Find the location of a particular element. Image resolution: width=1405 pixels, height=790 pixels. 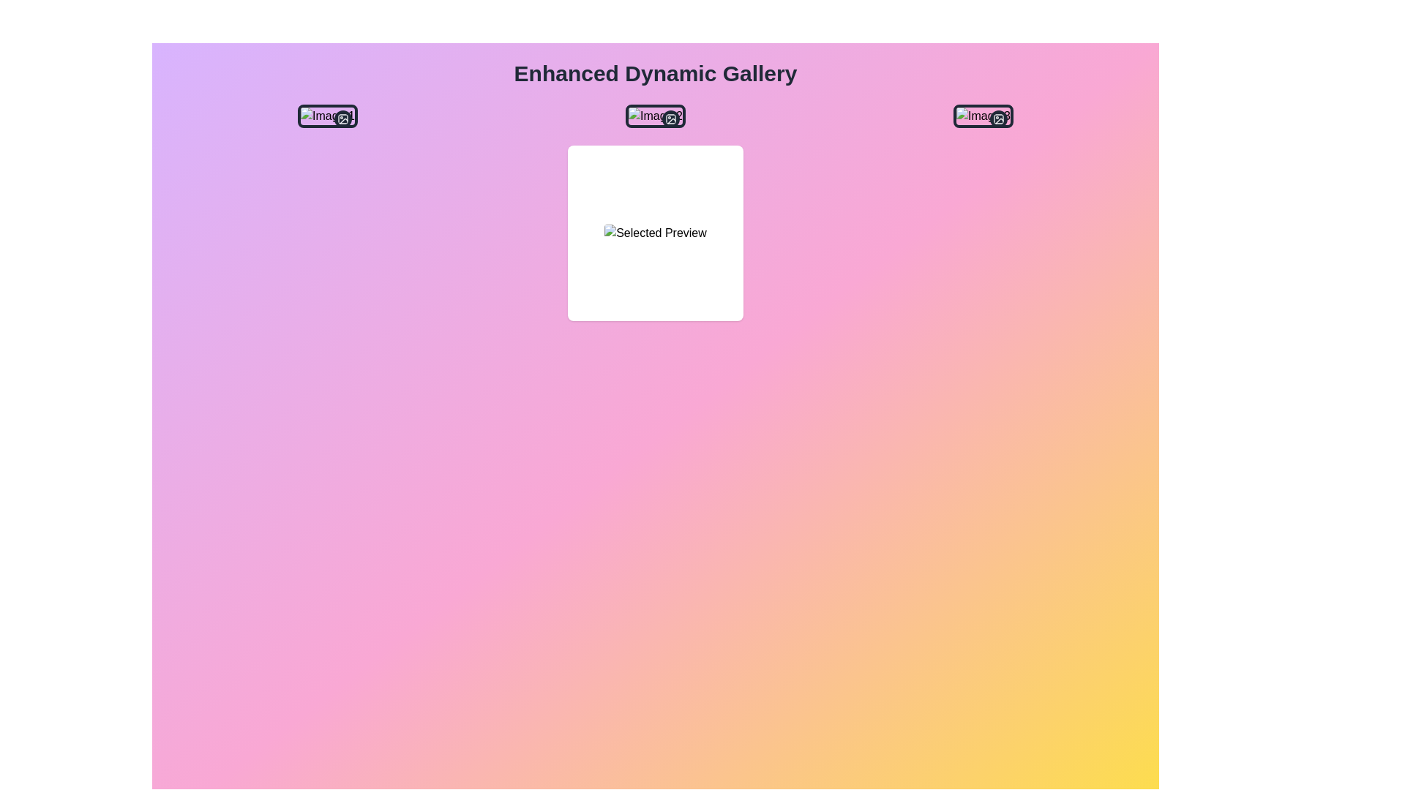

the second thumbnail image in the gallery is located at coordinates (655, 115).